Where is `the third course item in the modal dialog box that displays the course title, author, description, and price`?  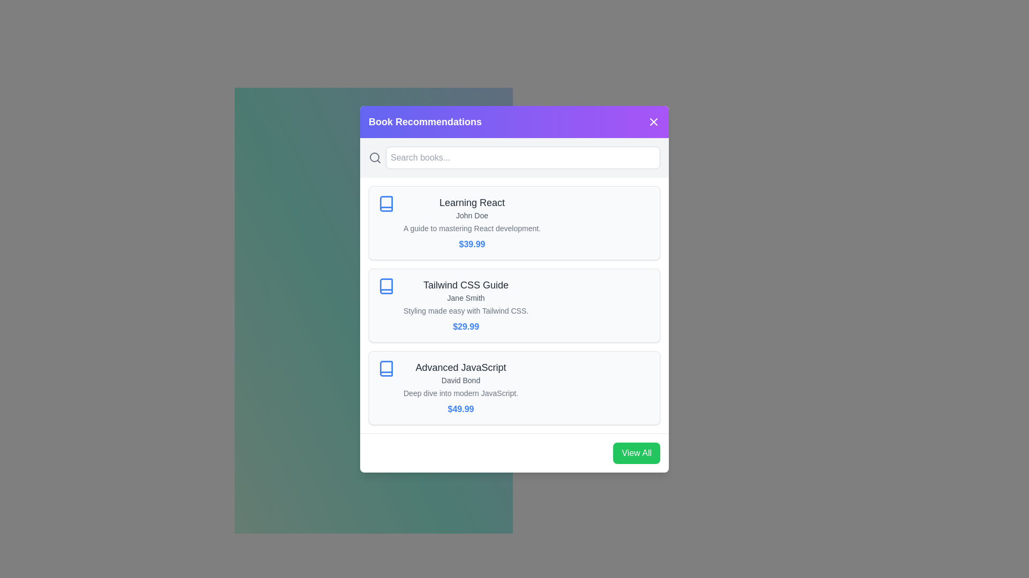
the third course item in the modal dialog box that displays the course title, author, description, and price is located at coordinates (460, 387).